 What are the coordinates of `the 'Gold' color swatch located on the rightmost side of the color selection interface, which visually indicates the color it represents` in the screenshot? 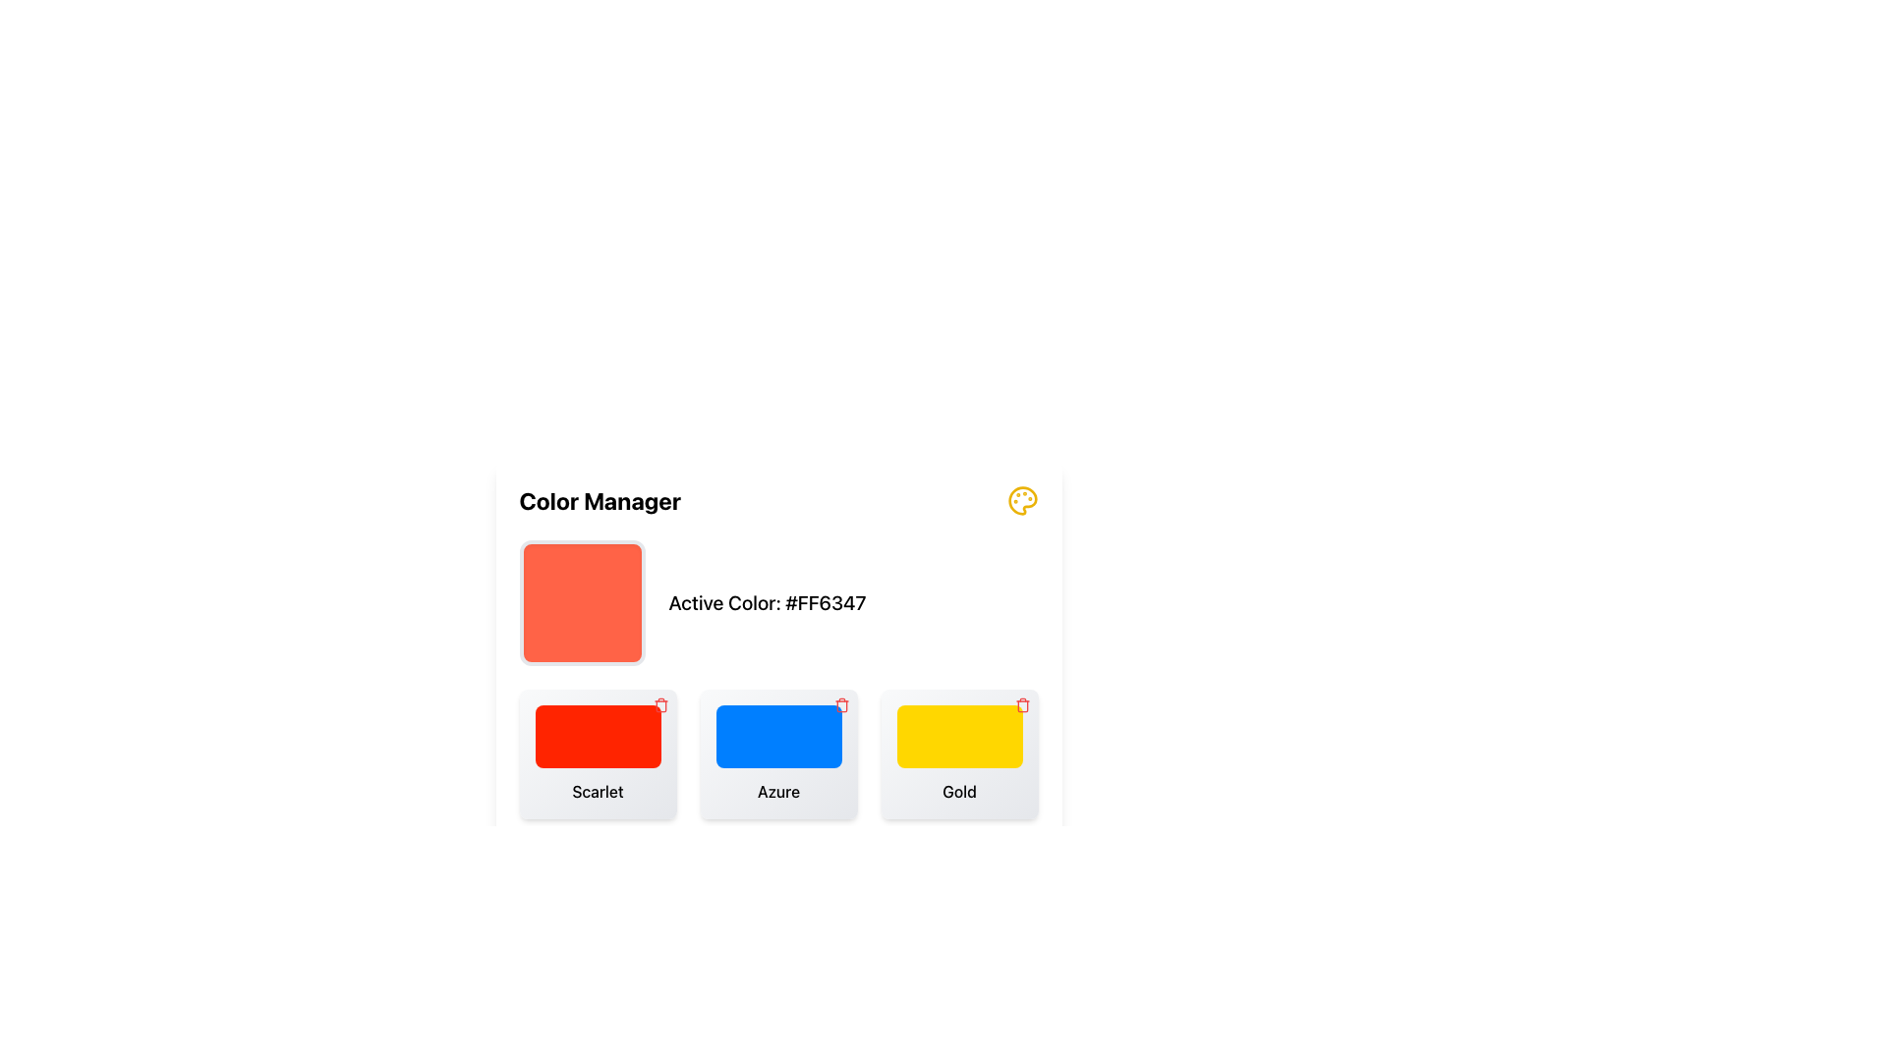 It's located at (959, 736).